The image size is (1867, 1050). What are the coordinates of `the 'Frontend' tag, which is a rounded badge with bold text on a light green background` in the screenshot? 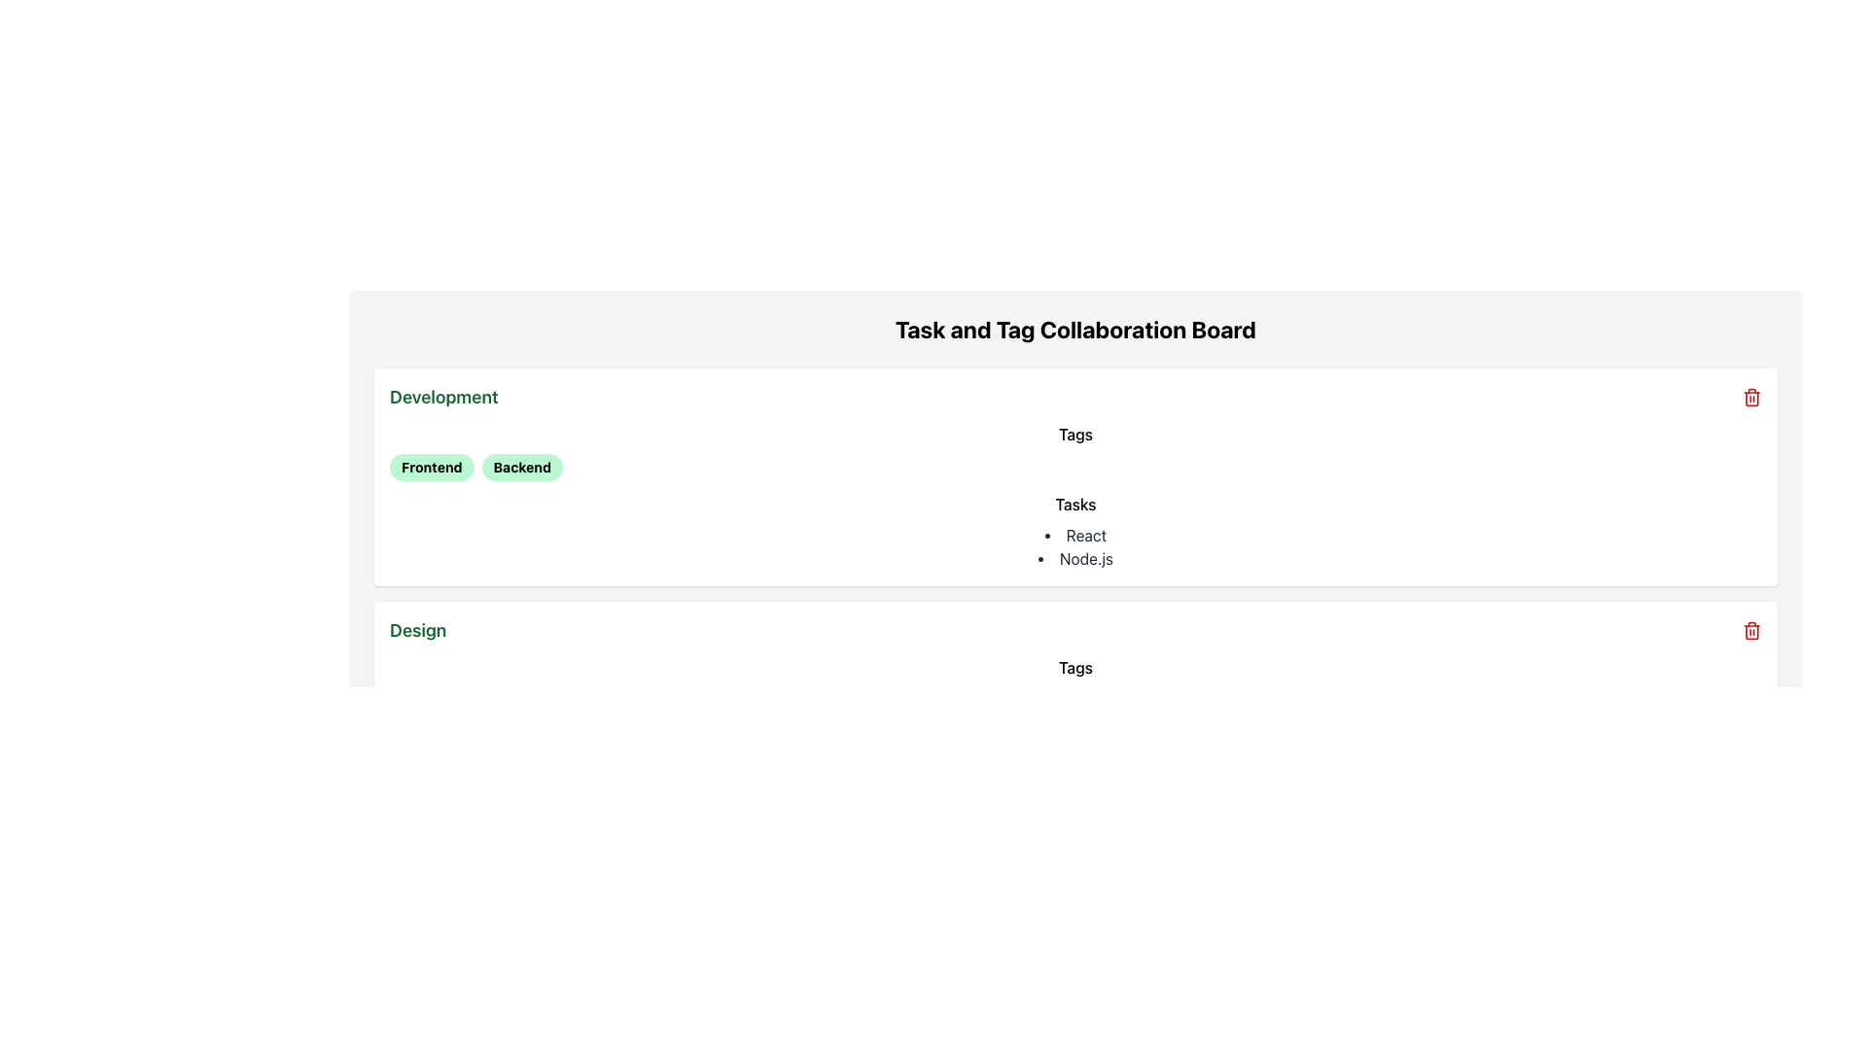 It's located at (431, 468).